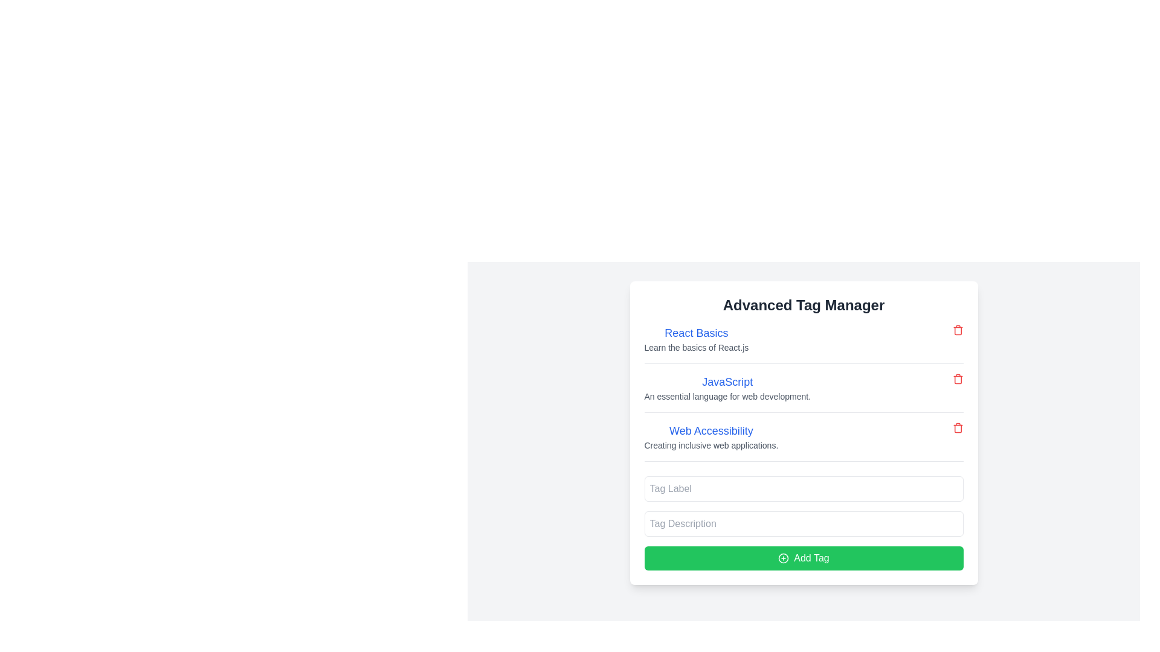 This screenshot has width=1160, height=652. Describe the element at coordinates (784, 558) in the screenshot. I see `the circular outline with a plus icon inside the green 'Add Tag' button located at the bottom of the card interface` at that location.